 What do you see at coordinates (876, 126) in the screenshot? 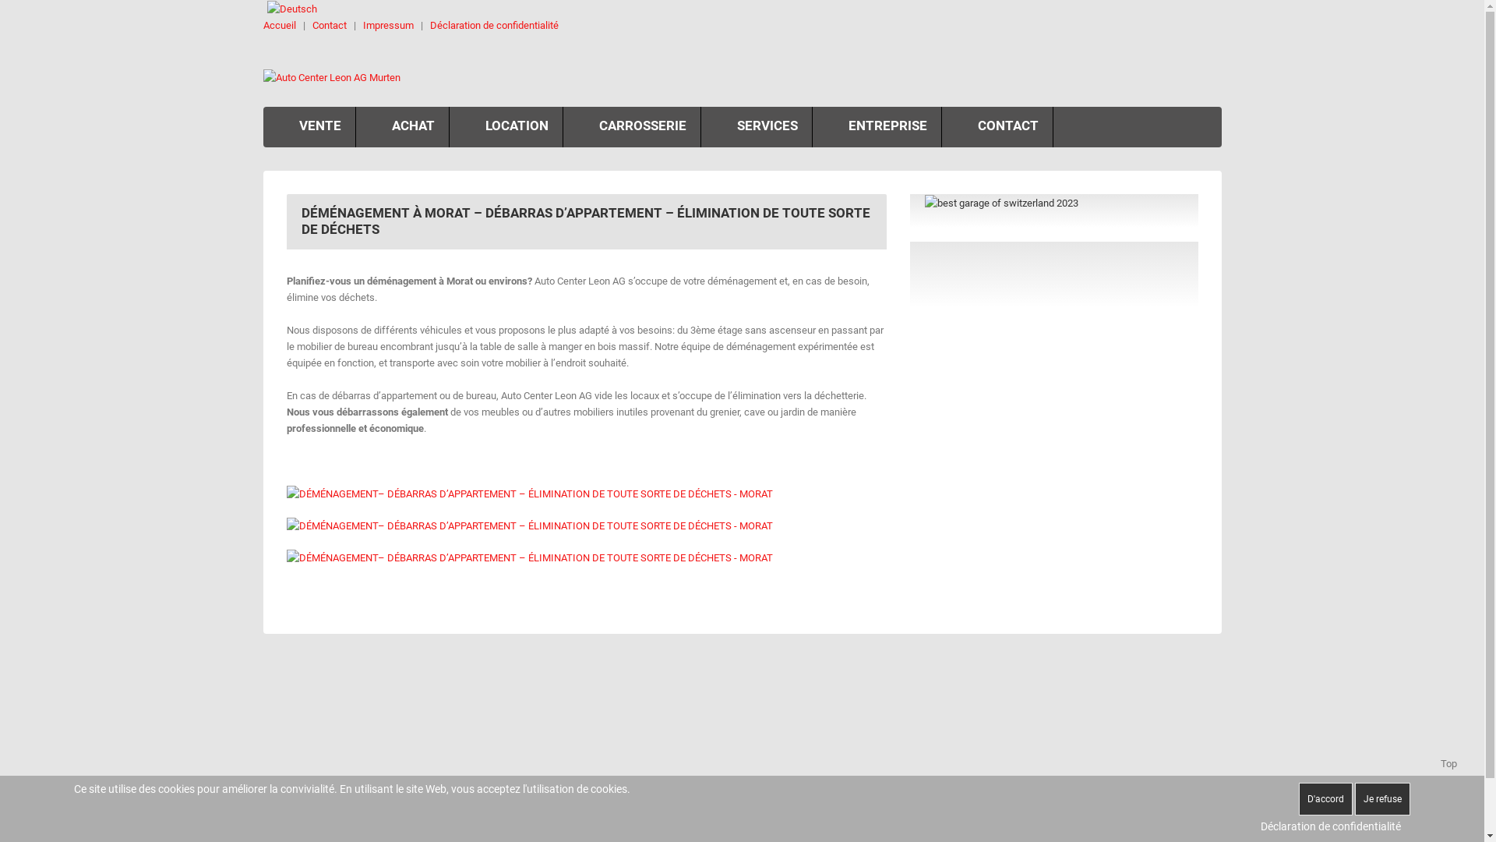
I see `'ENTREPRISE'` at bounding box center [876, 126].